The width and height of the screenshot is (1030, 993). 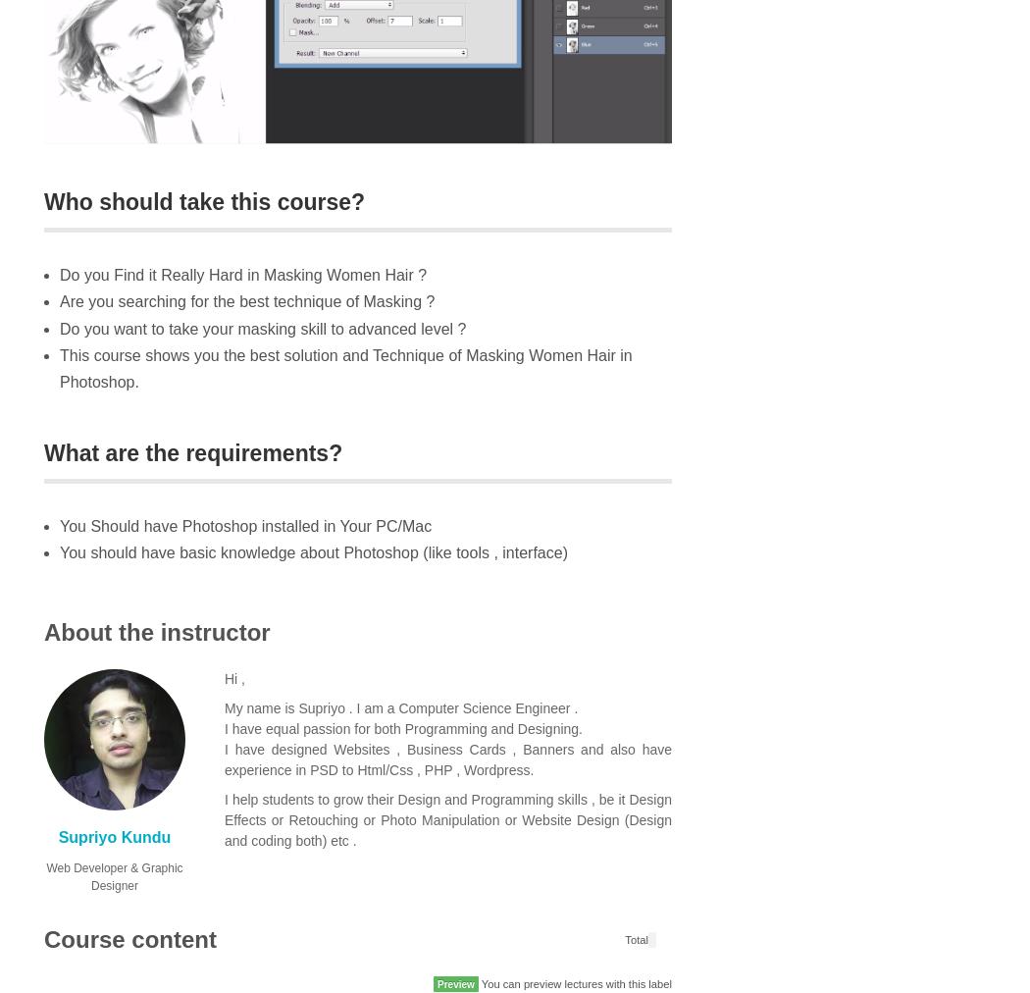 What do you see at coordinates (313, 551) in the screenshot?
I see `'You should have basic knowledge about Photoshop (like tools , interface)'` at bounding box center [313, 551].